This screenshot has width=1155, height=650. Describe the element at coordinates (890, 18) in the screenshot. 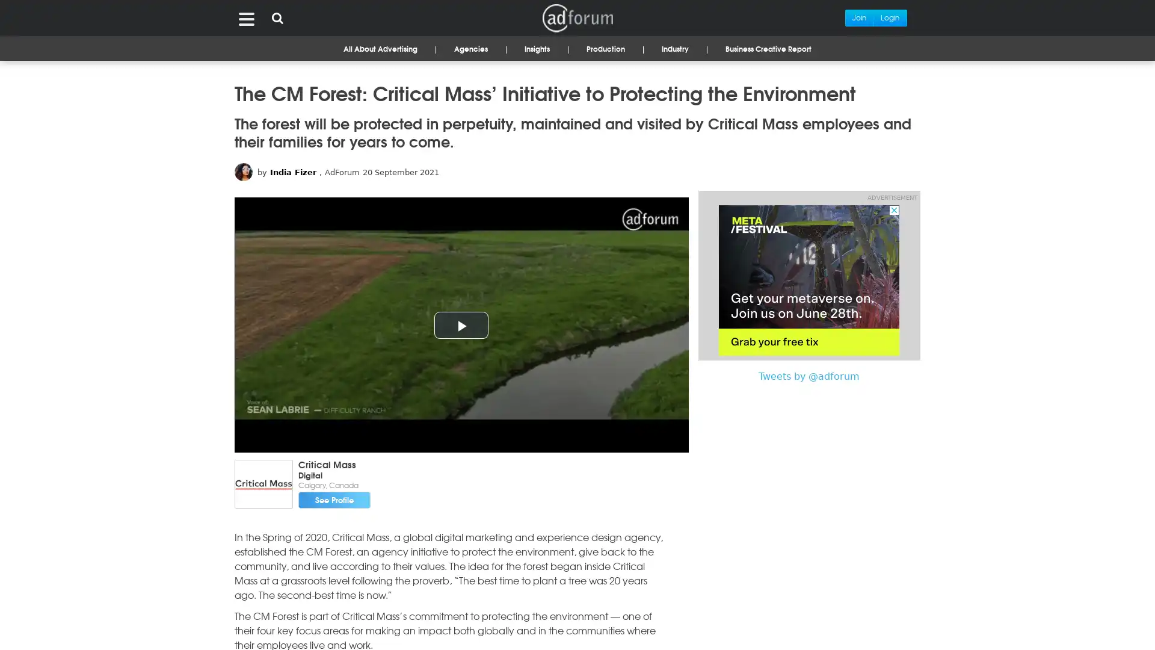

I see `Login` at that location.